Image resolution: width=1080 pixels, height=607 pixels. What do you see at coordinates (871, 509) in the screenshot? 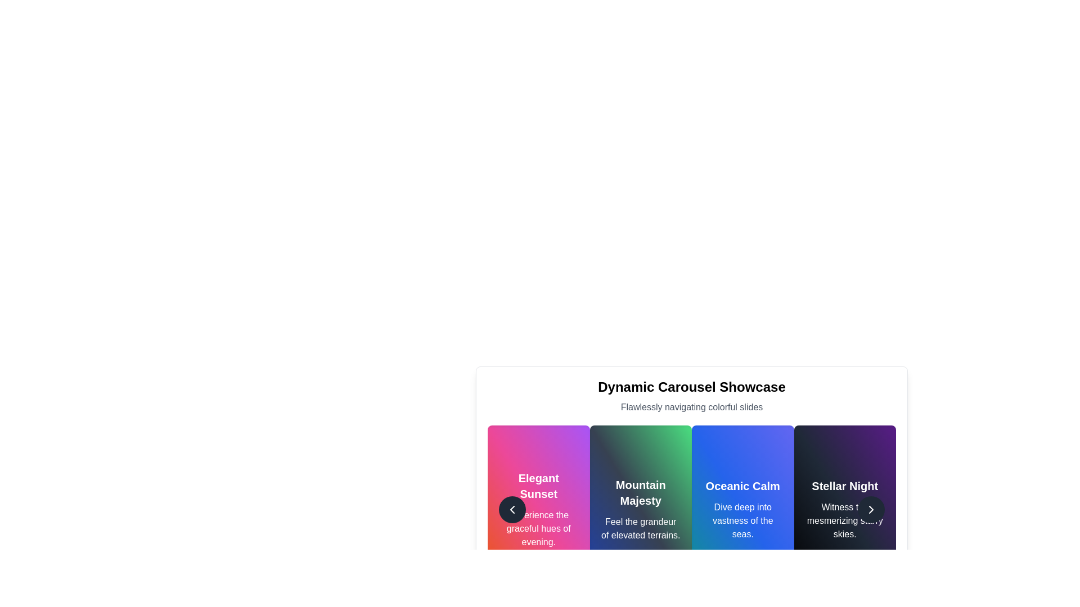
I see `the navigation button located on the far right of the carousel to transition to the next slide` at bounding box center [871, 509].